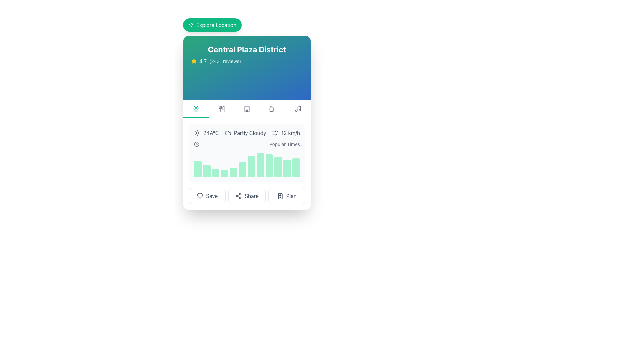  Describe the element at coordinates (246, 49) in the screenshot. I see `the text label that reads 'Central Plaza District', which is prominently styled in a large white font against a gradient background, located at the top of the card interface under the 'Explore Location' button` at that location.